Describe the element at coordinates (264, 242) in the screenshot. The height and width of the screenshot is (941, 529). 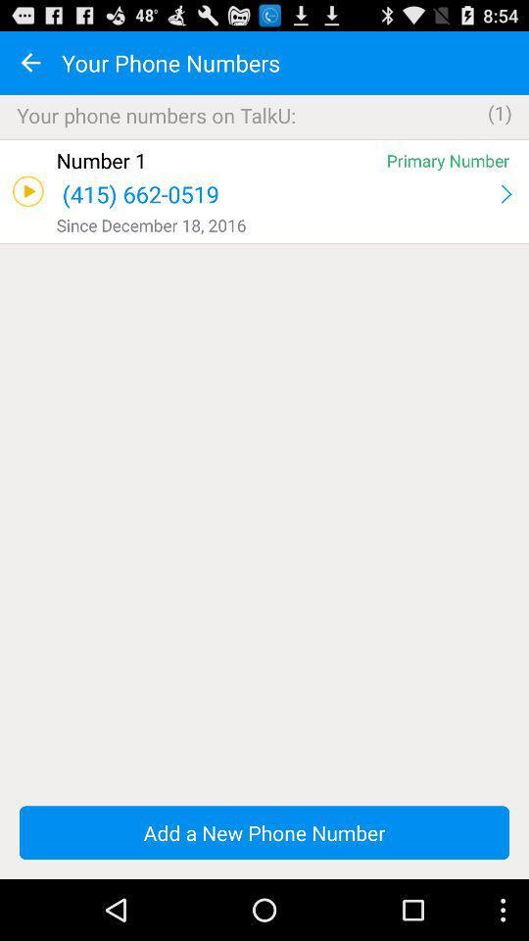
I see `the app below the since december 18 icon` at that location.